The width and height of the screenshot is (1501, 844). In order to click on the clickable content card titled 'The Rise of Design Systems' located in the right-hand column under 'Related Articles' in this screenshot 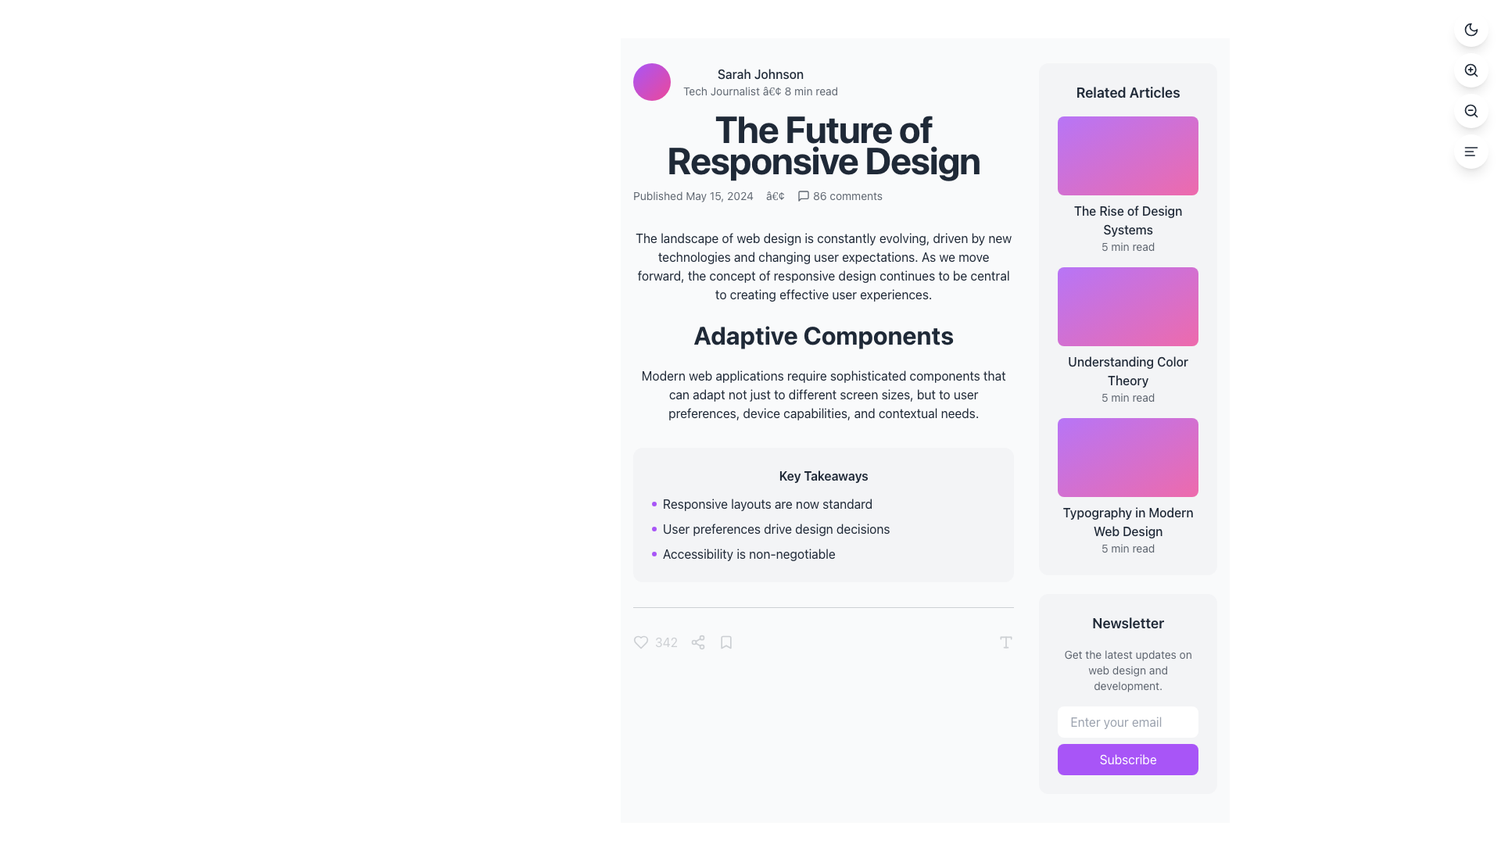, I will do `click(1128, 184)`.